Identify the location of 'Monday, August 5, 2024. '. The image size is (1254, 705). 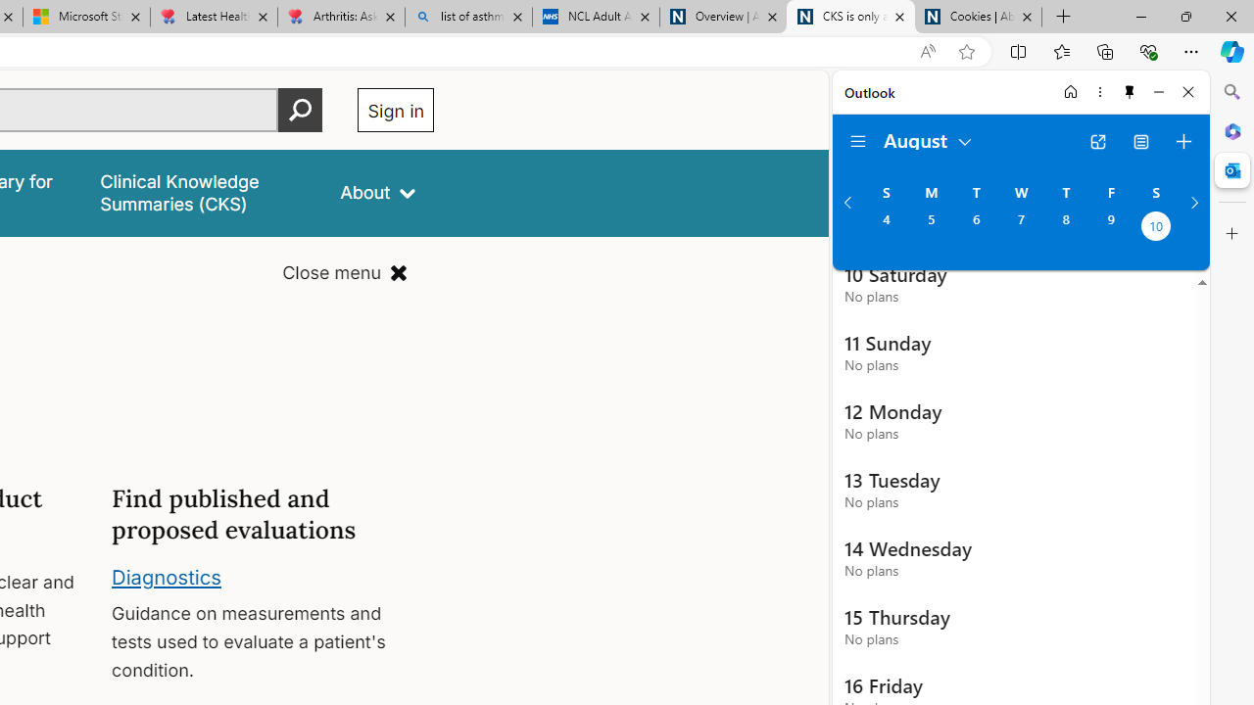
(930, 227).